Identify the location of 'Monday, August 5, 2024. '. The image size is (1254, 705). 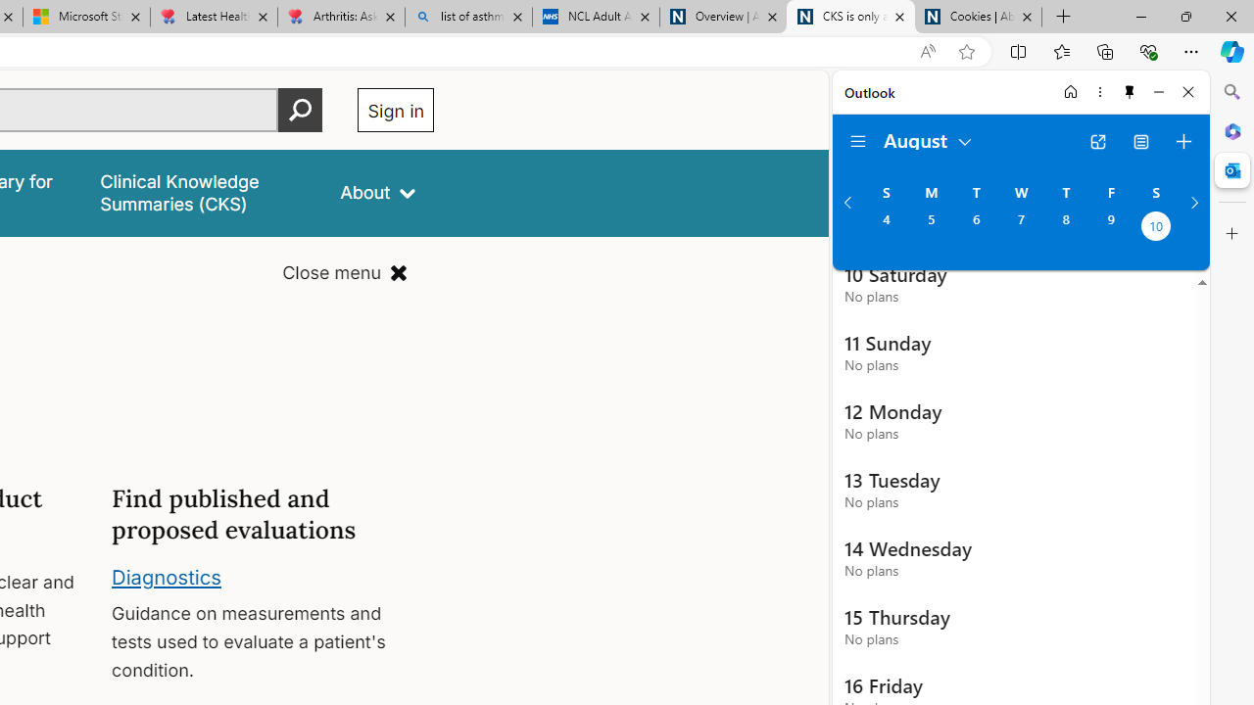
(930, 227).